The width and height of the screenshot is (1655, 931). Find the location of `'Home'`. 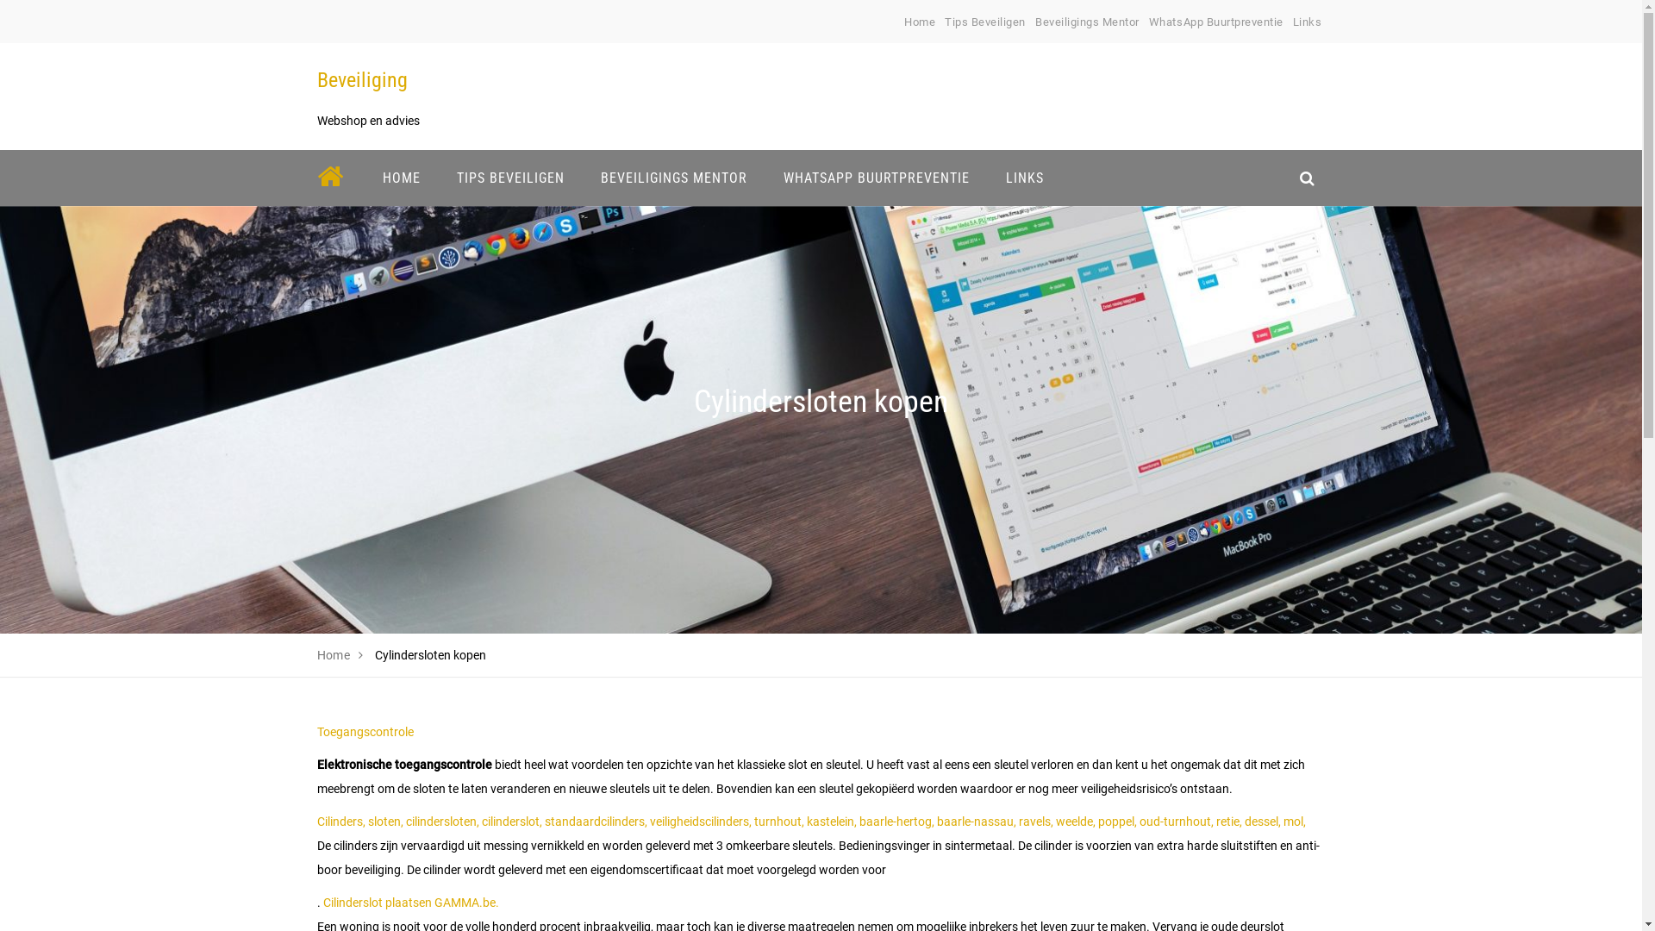

'Home' is located at coordinates (334, 654).